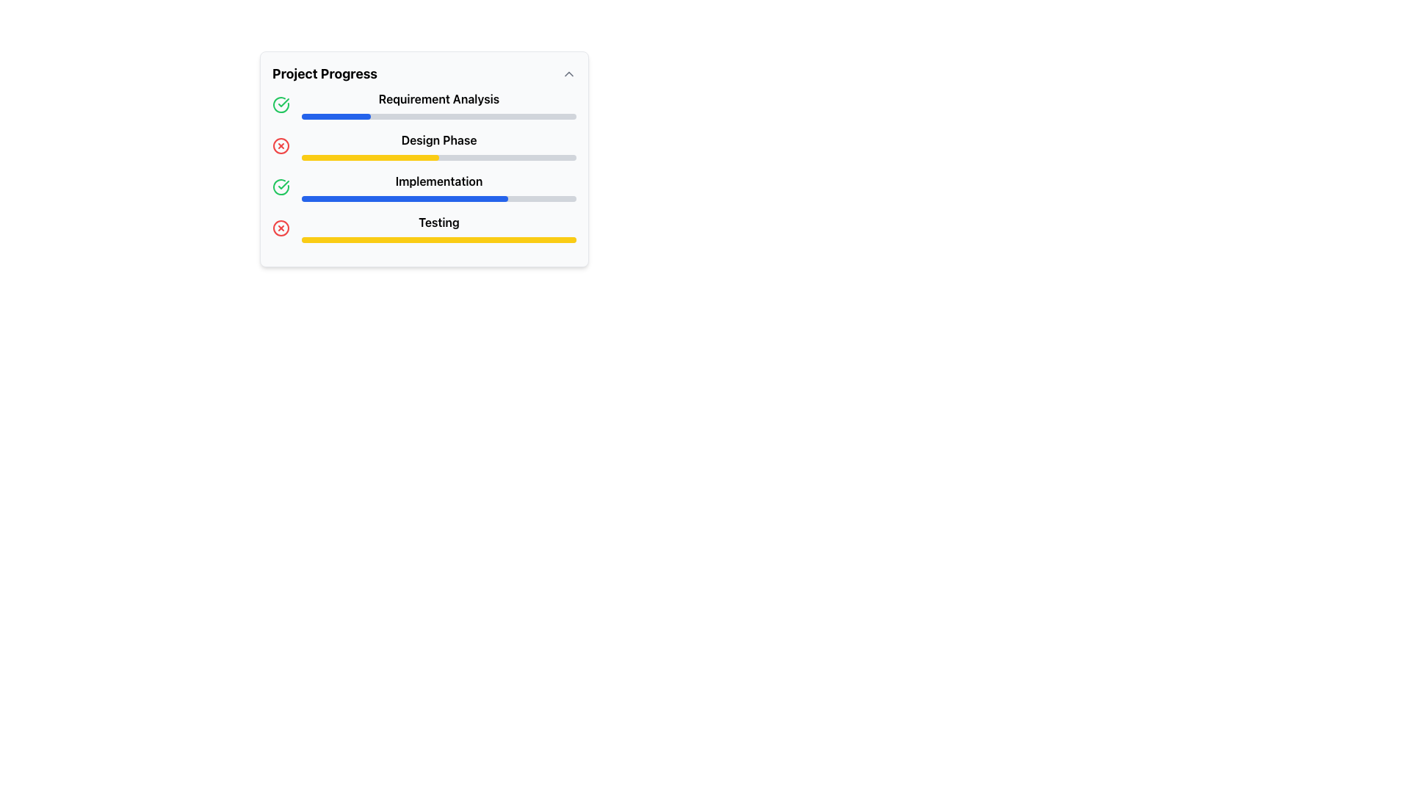 This screenshot has height=793, width=1410. What do you see at coordinates (281, 186) in the screenshot?
I see `the green circular Status Icon with a white checkmark, located in the third row of the 'Project Progress' card, before the text 'Implementation'` at bounding box center [281, 186].